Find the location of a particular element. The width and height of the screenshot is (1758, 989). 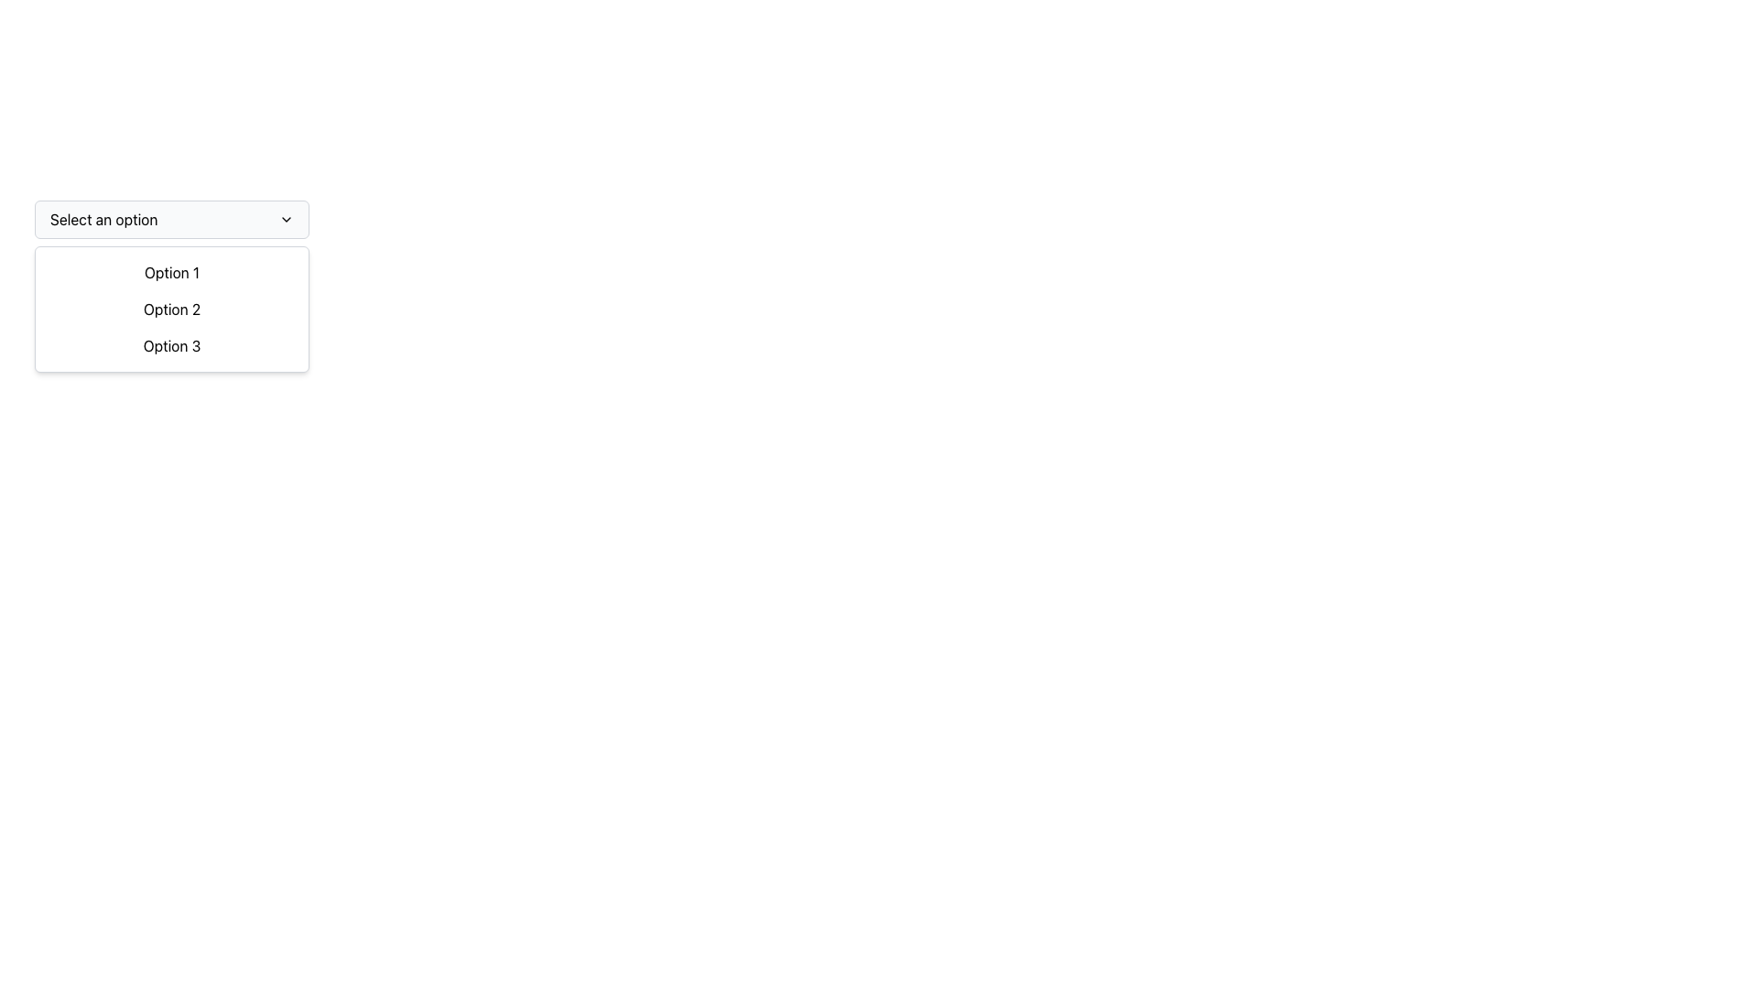

the text label that identifies the current selection in the dropdown menu, positioned on the left side of the dropdown component is located at coordinates (103, 218).